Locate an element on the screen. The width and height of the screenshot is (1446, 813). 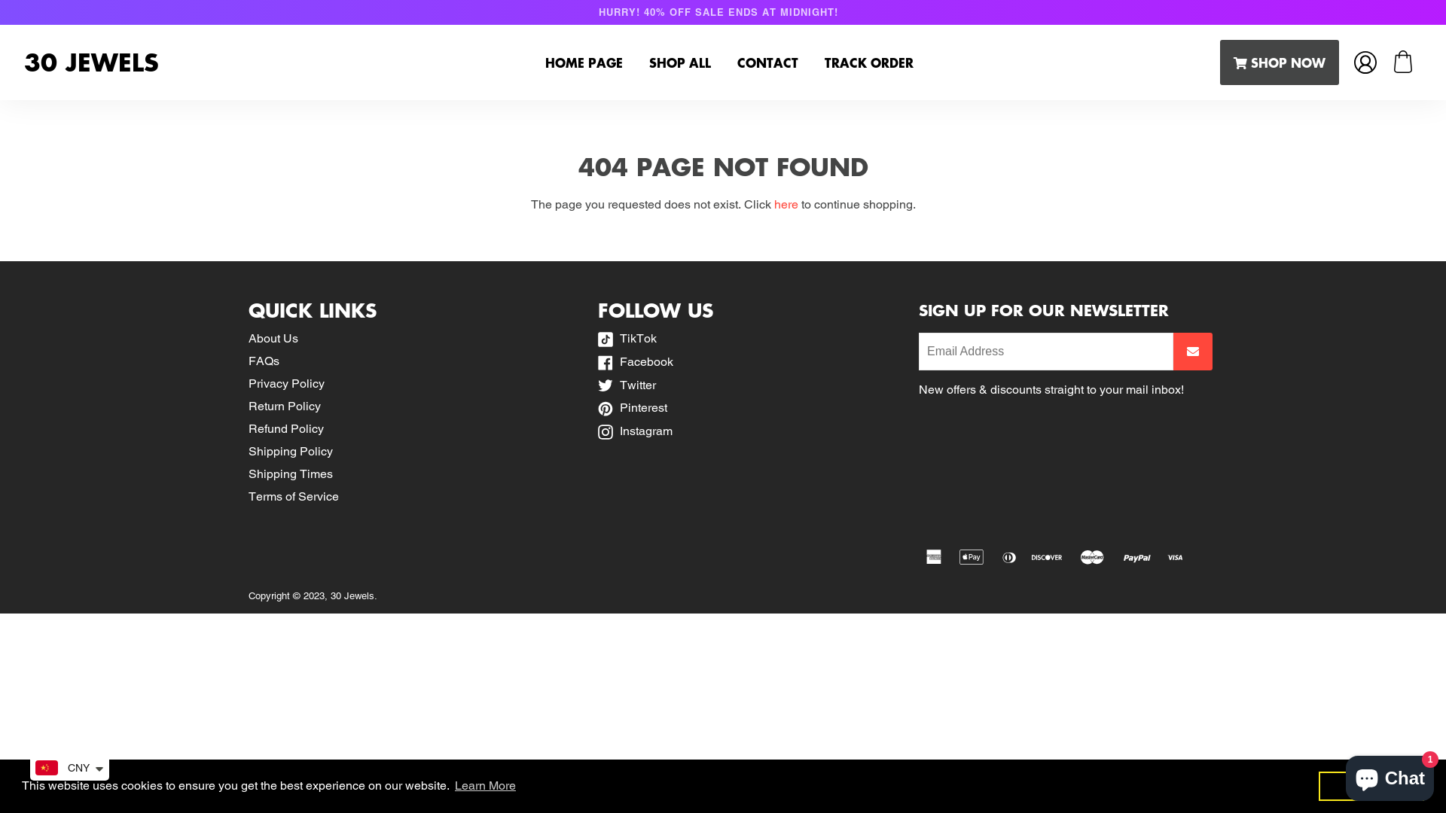
'30 Jewels' is located at coordinates (351, 600).